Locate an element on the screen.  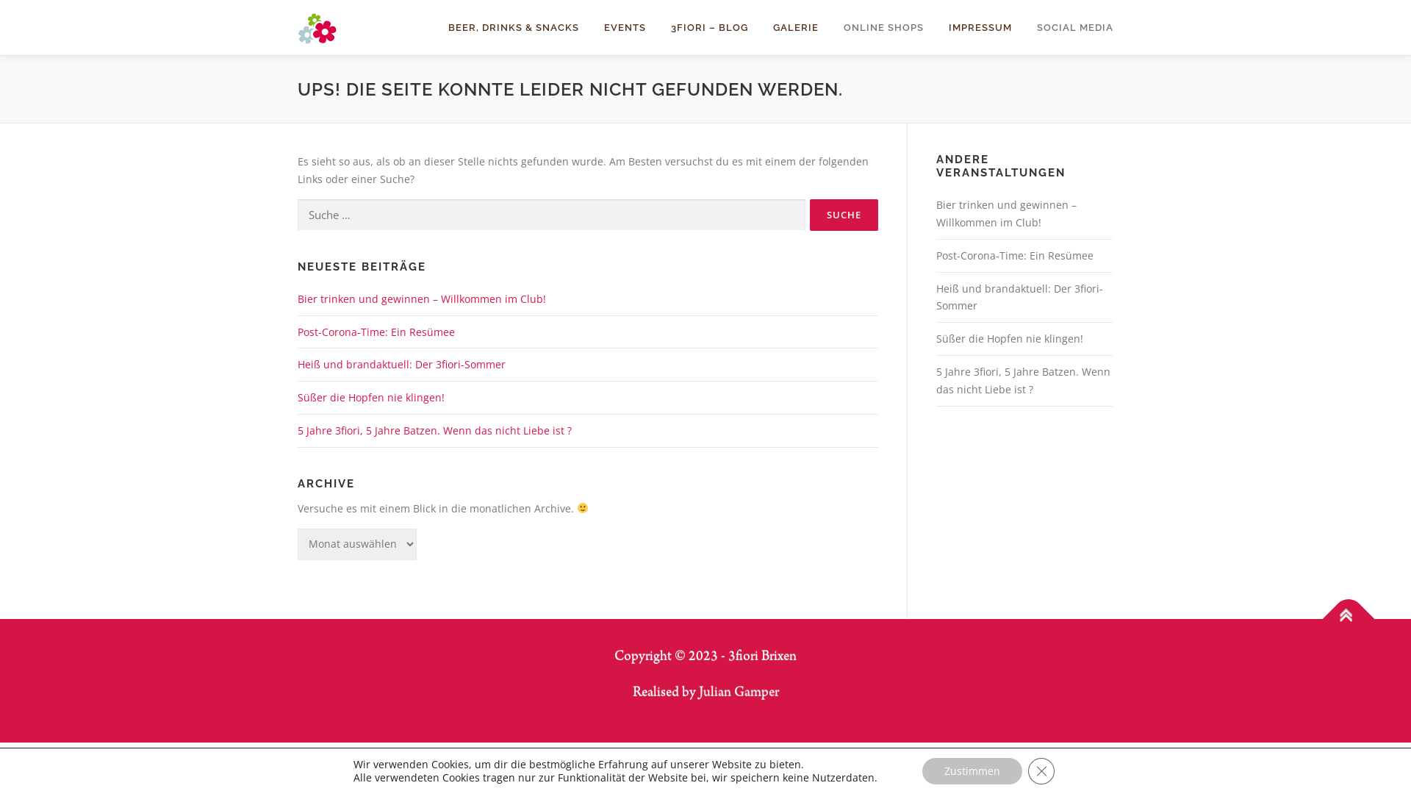
'BEER, DRINKS & SNACKS' is located at coordinates (514, 27).